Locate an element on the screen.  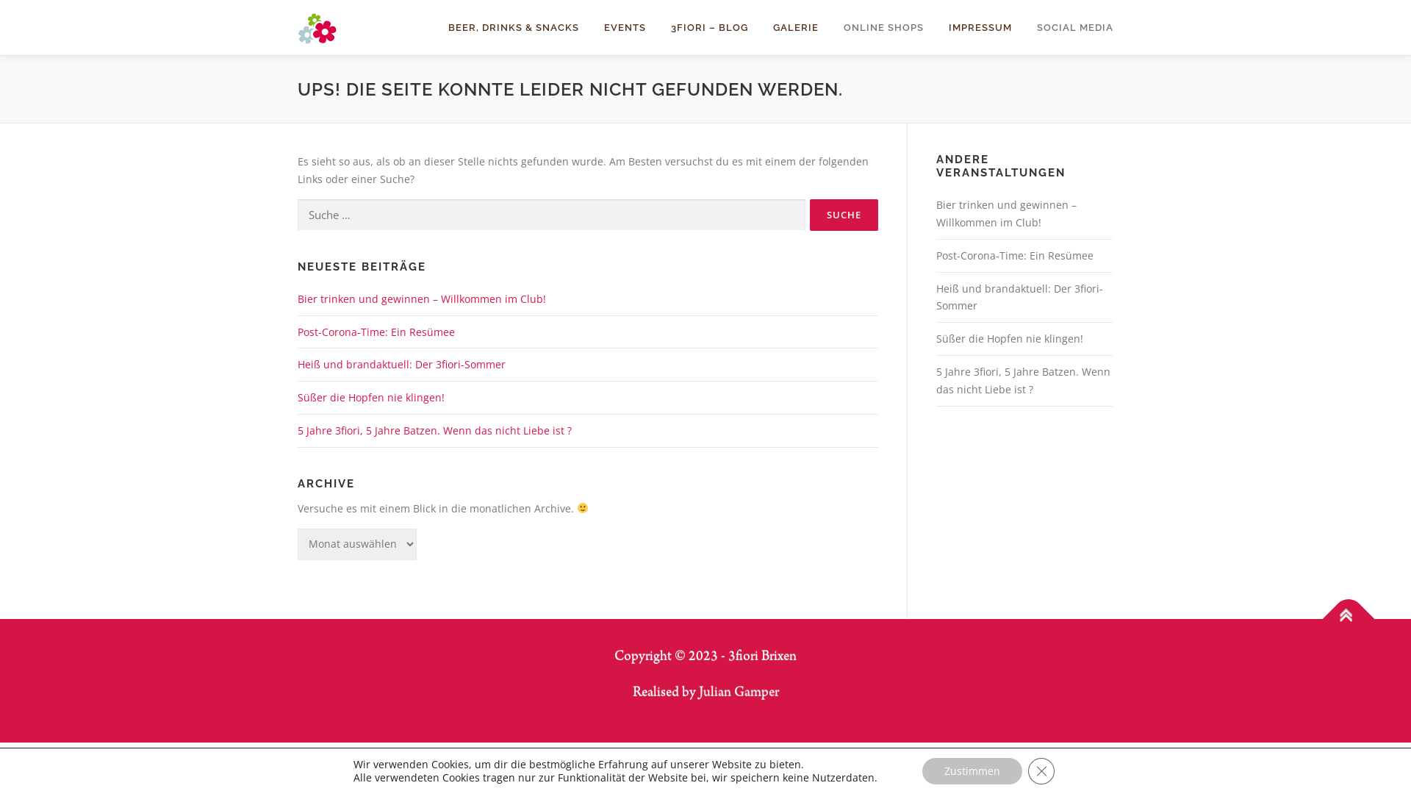
'BEER, DRINKS & SNACKS' is located at coordinates (514, 27).